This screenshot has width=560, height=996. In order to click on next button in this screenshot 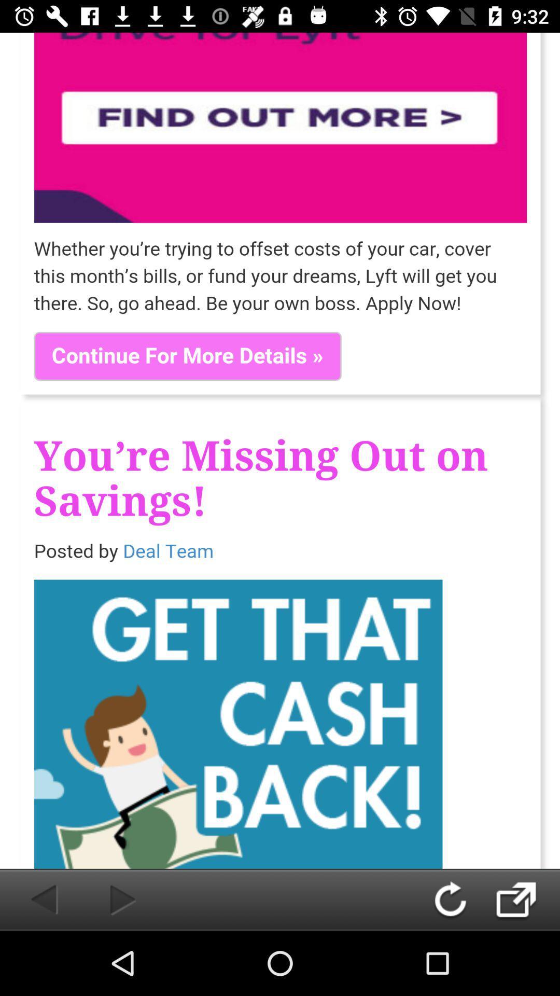, I will do `click(527, 899)`.